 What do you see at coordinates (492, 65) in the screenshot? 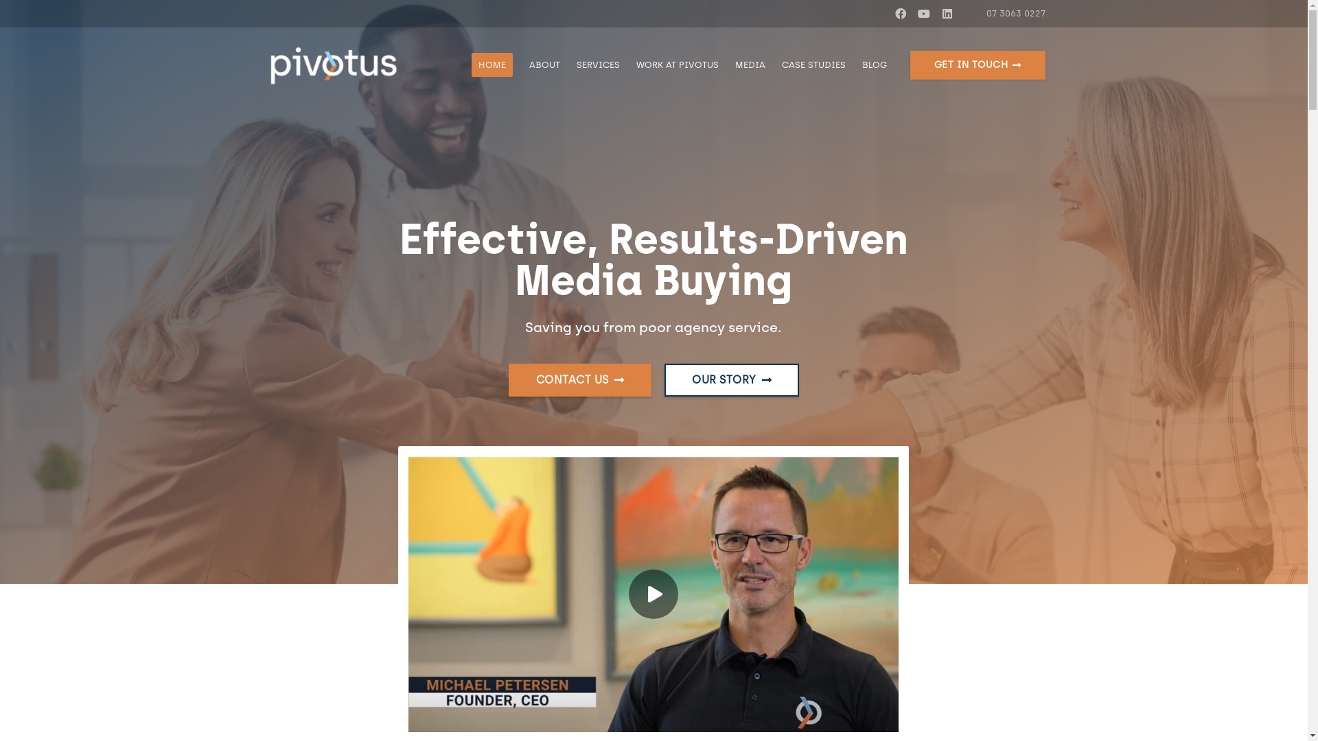
I see `'HOME'` at bounding box center [492, 65].